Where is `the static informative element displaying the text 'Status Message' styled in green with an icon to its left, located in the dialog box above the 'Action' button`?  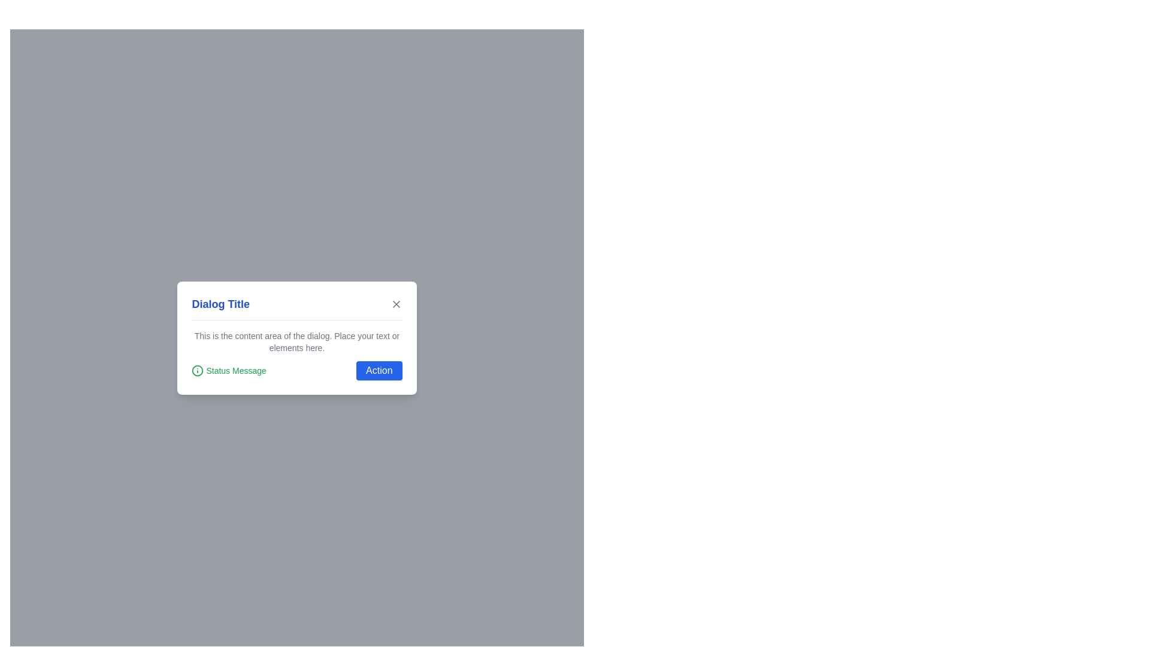
the static informative element displaying the text 'Status Message' styled in green with an icon to its left, located in the dialog box above the 'Action' button is located at coordinates (229, 370).